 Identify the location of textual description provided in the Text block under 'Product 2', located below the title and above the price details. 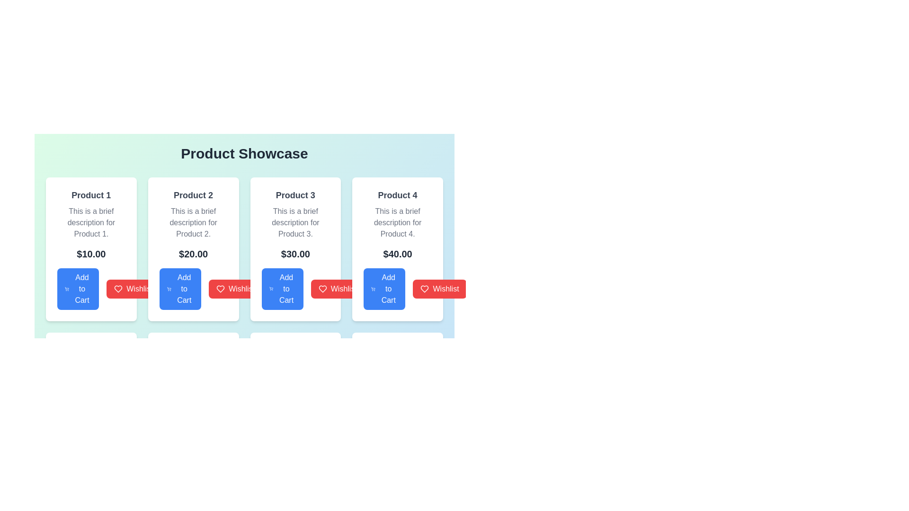
(193, 222).